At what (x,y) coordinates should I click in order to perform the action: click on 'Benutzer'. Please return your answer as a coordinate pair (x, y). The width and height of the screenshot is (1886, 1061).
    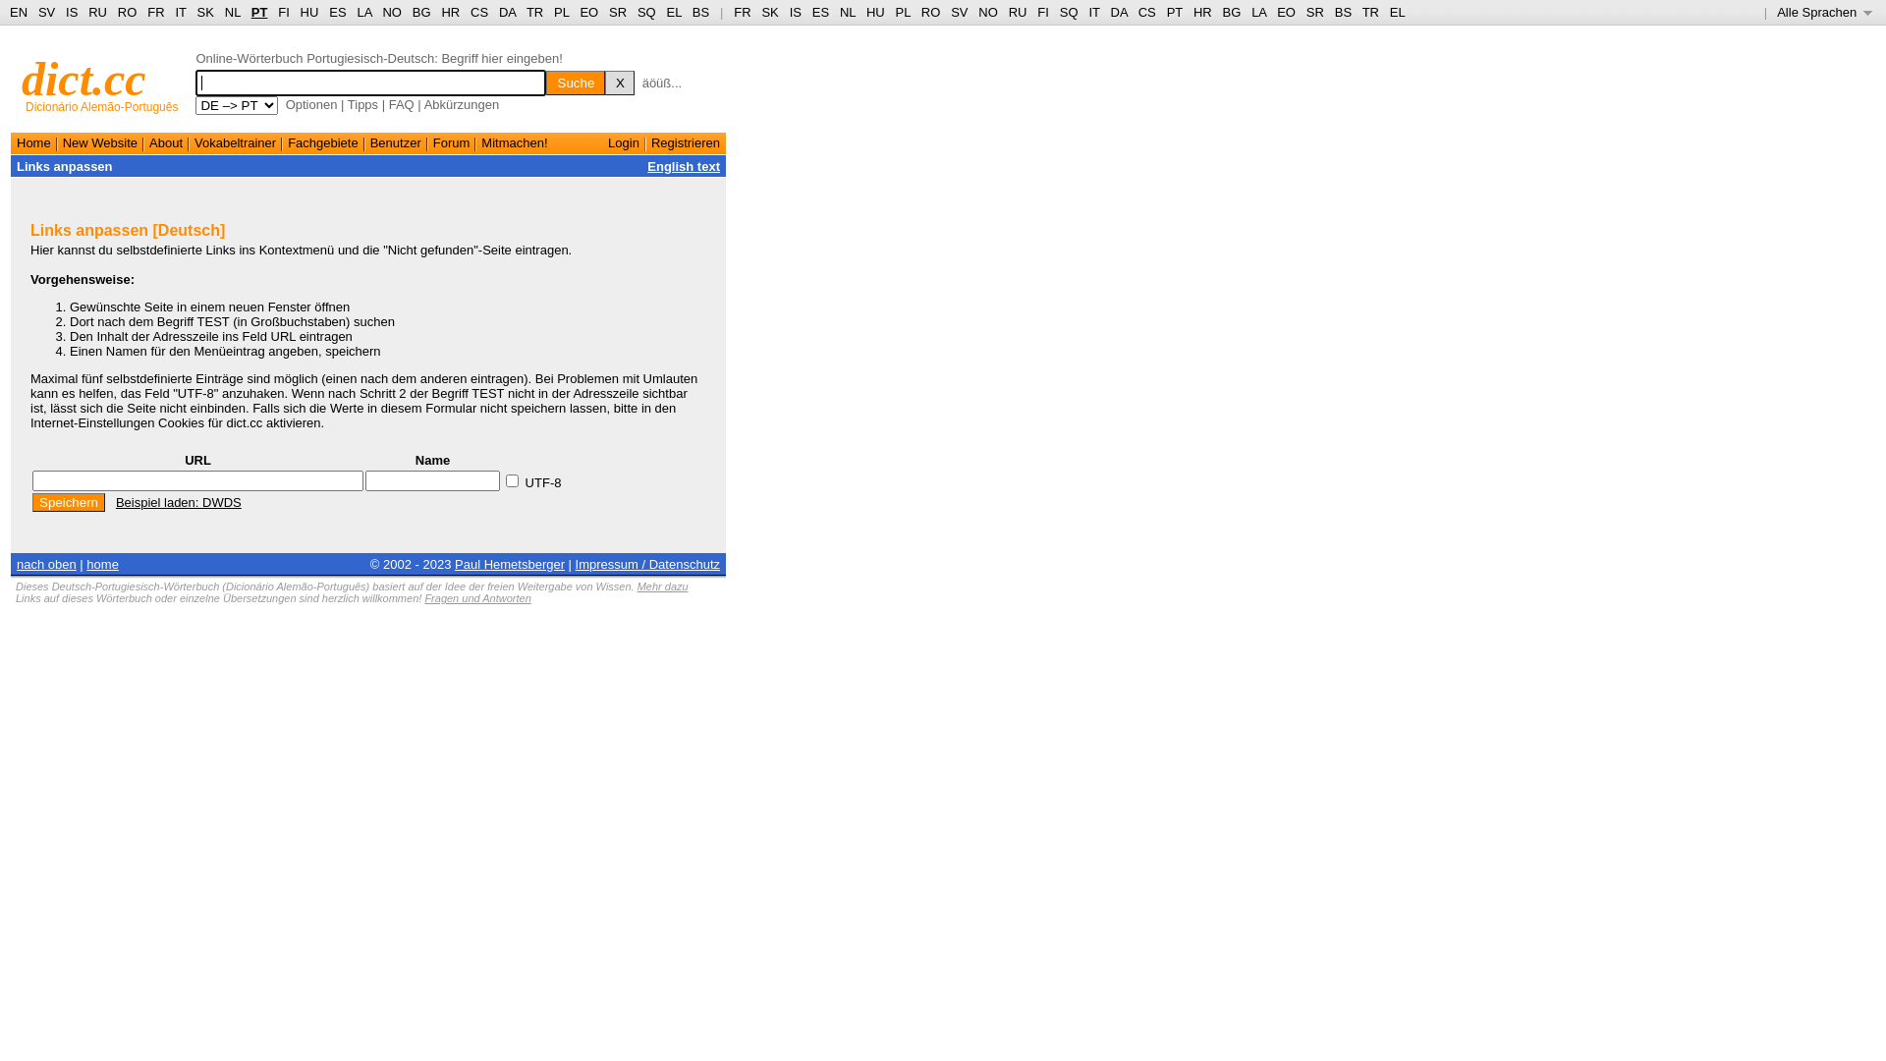
    Looking at the image, I should click on (370, 141).